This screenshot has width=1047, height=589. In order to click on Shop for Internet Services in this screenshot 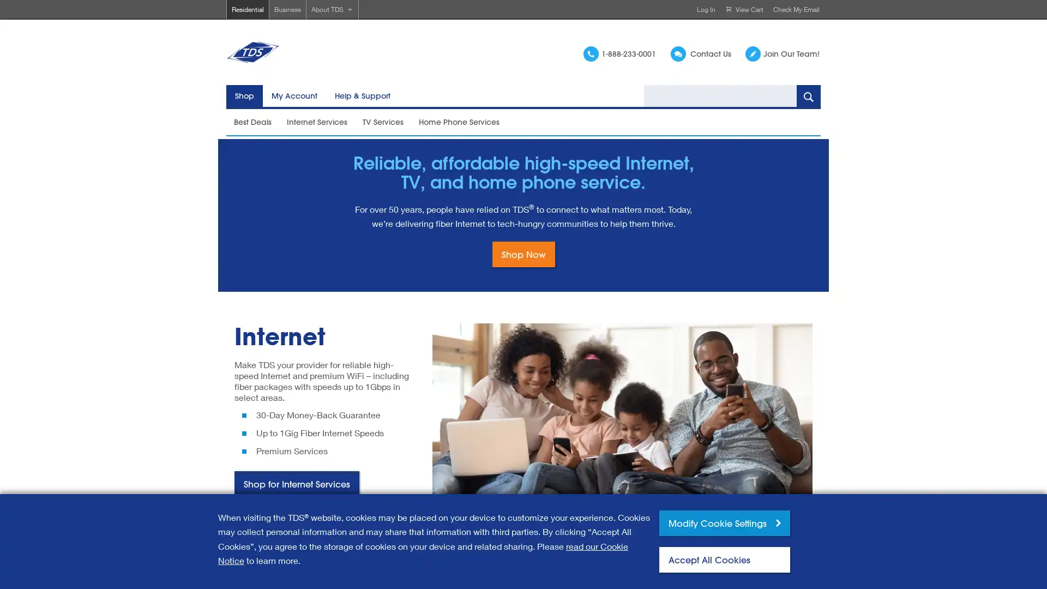, I will do `click(297, 483)`.